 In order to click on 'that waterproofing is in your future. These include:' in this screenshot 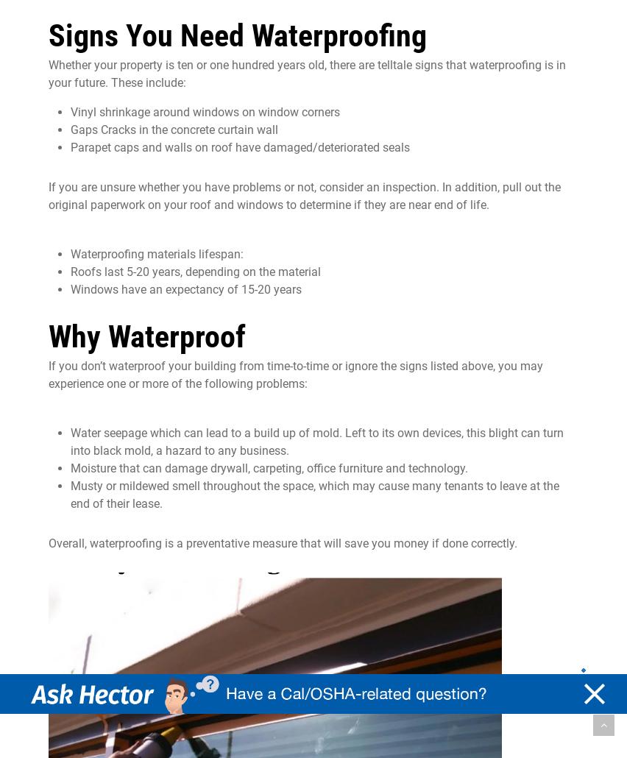, I will do `click(307, 73)`.